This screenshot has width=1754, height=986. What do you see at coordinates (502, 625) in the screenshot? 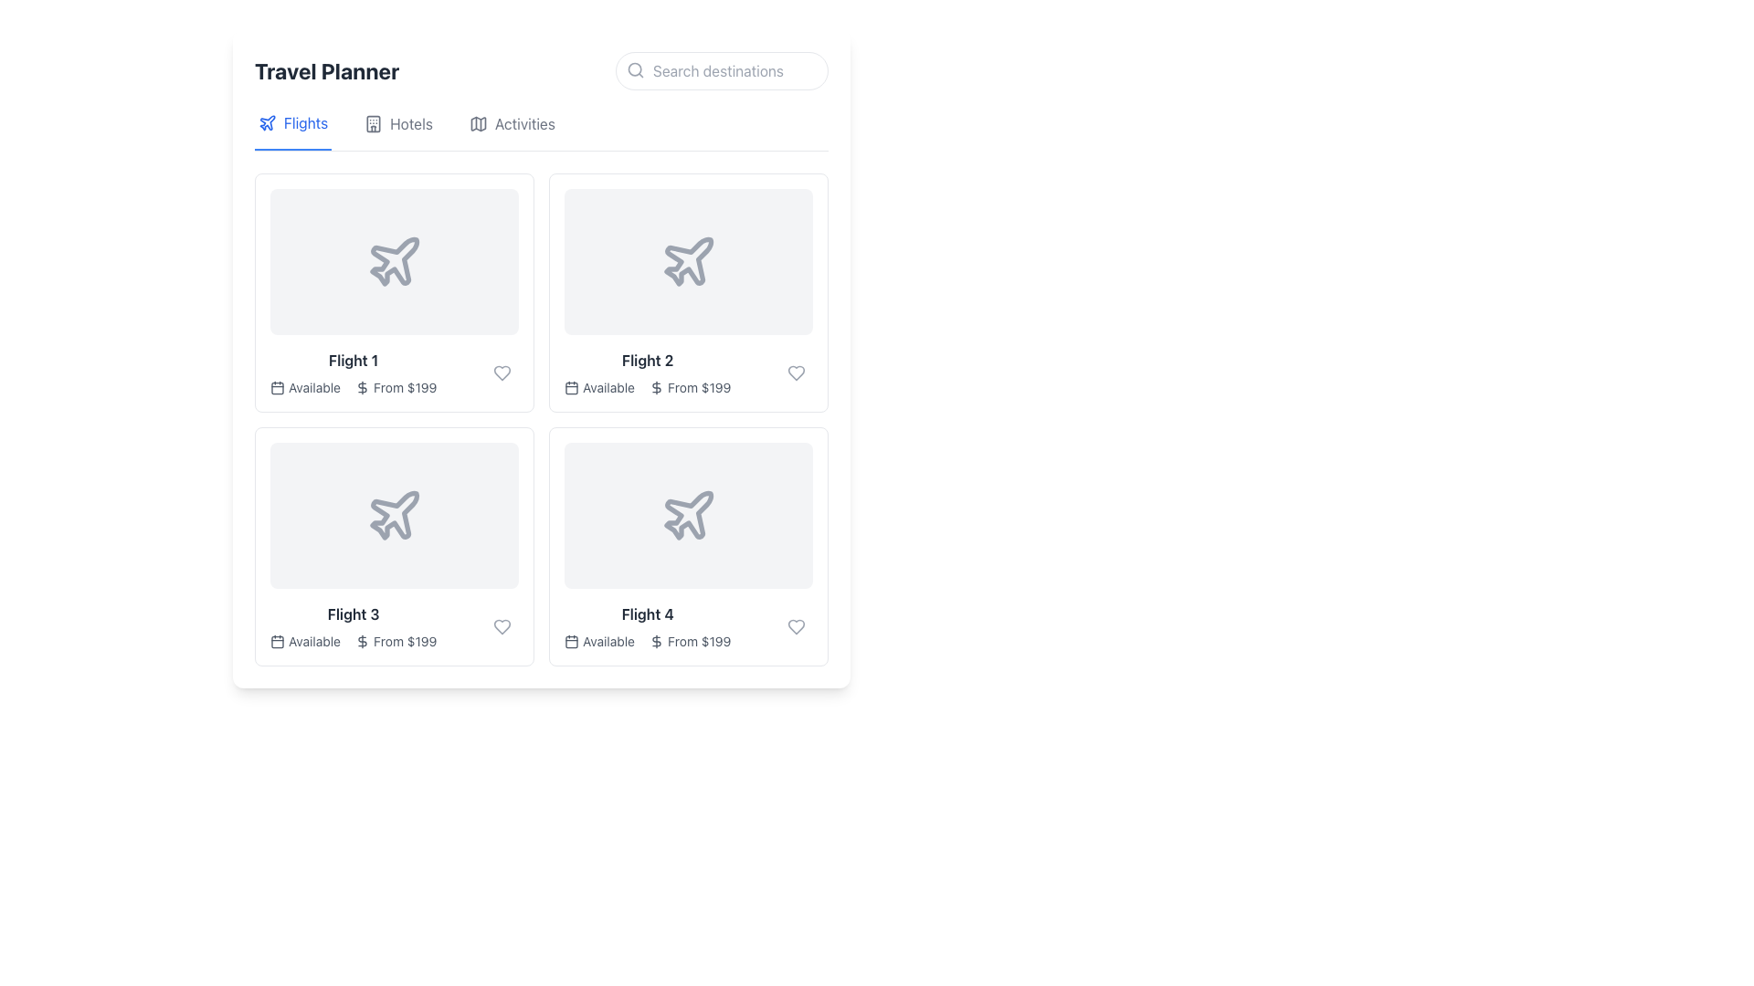
I see `the circular button with a heart-shaped icon located in the bottom right corner of the 'Flight 3' box` at bounding box center [502, 625].